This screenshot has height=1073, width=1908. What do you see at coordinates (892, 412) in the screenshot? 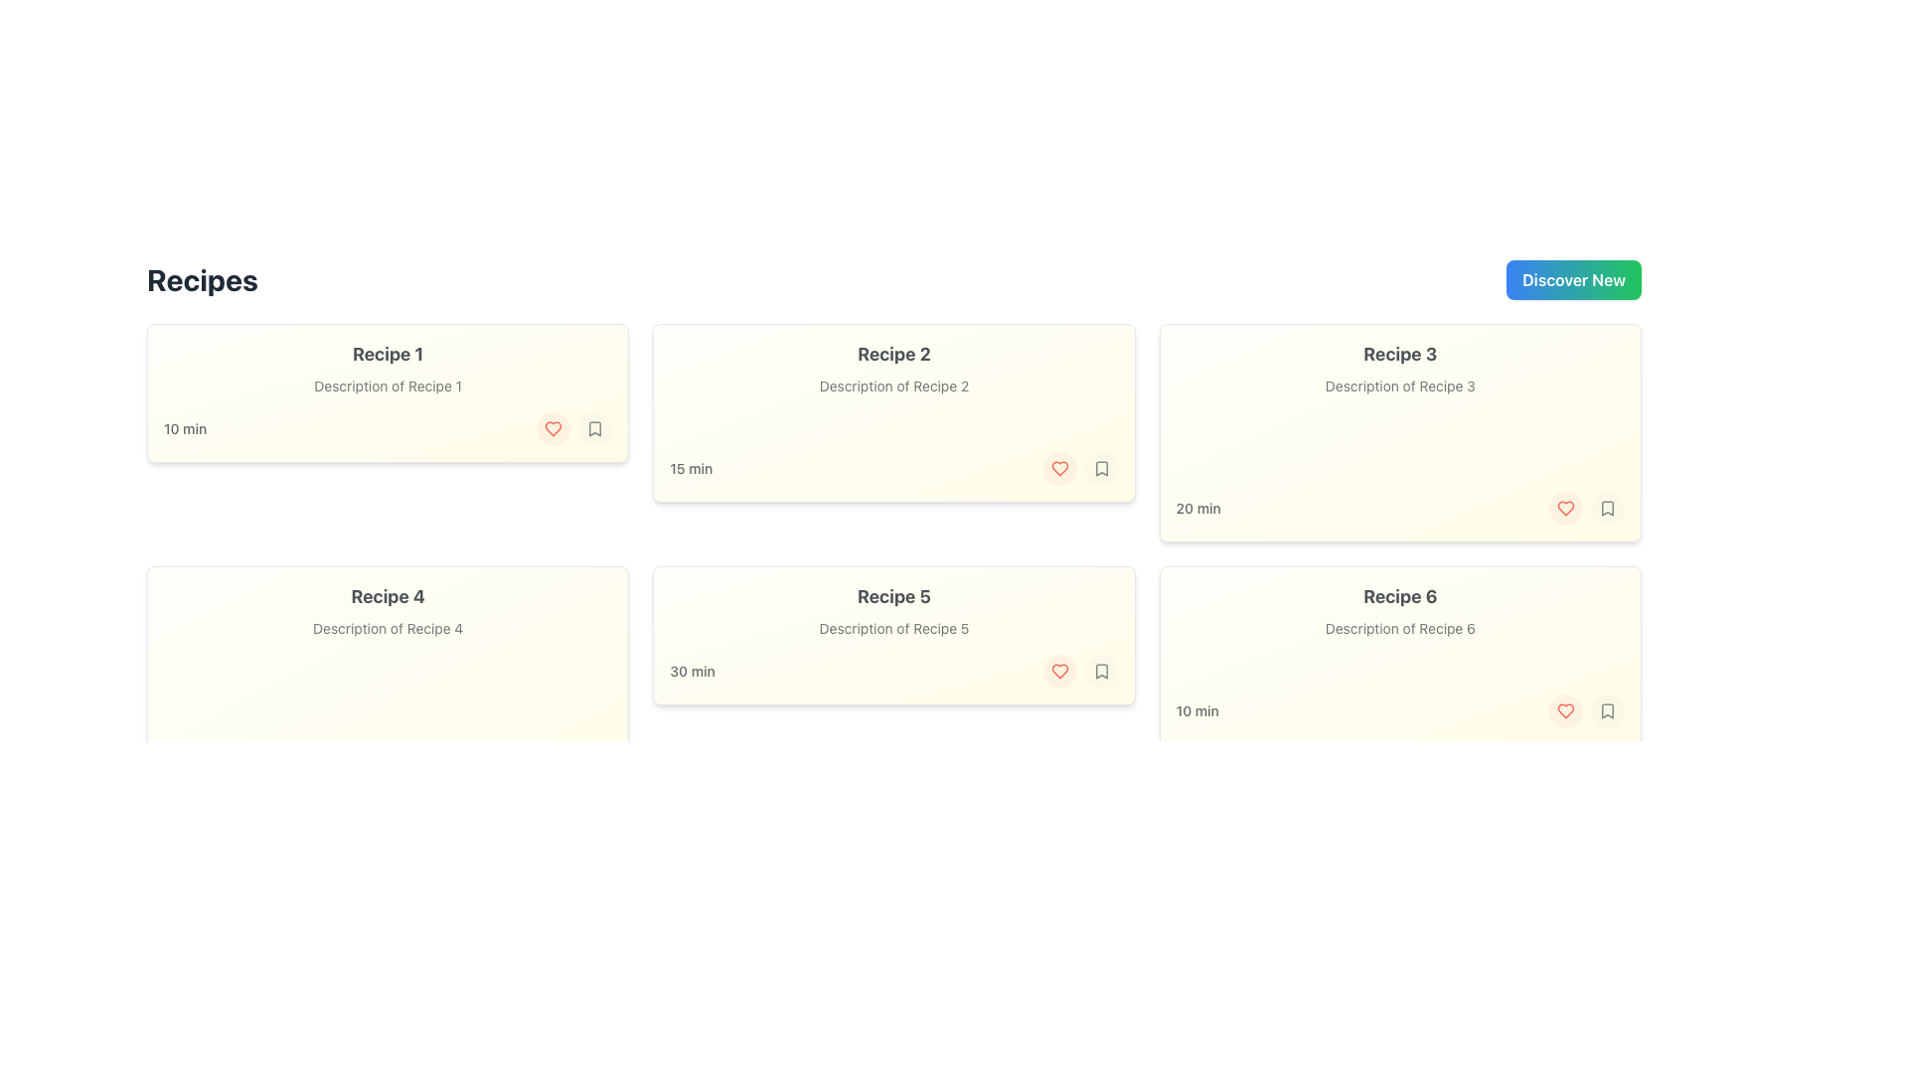
I see `the recipe summary card, which is the second card from the left in the top row of the grid layout` at bounding box center [892, 412].